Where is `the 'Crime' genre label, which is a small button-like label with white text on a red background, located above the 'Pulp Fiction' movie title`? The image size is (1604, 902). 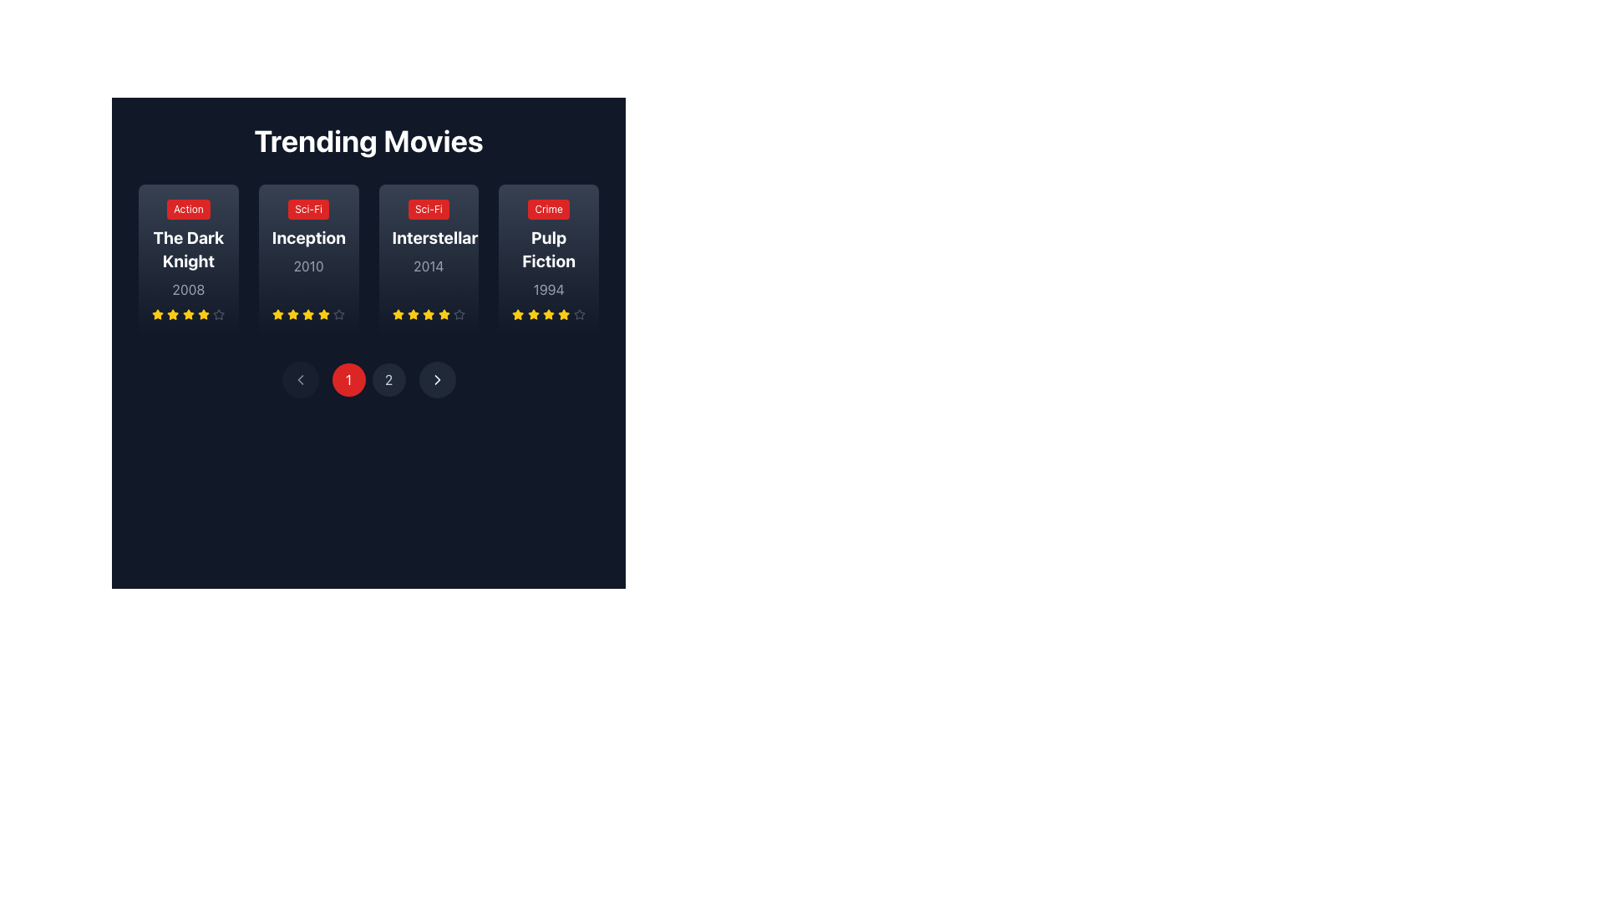
the 'Crime' genre label, which is a small button-like label with white text on a red background, located above the 'Pulp Fiction' movie title is located at coordinates (549, 208).